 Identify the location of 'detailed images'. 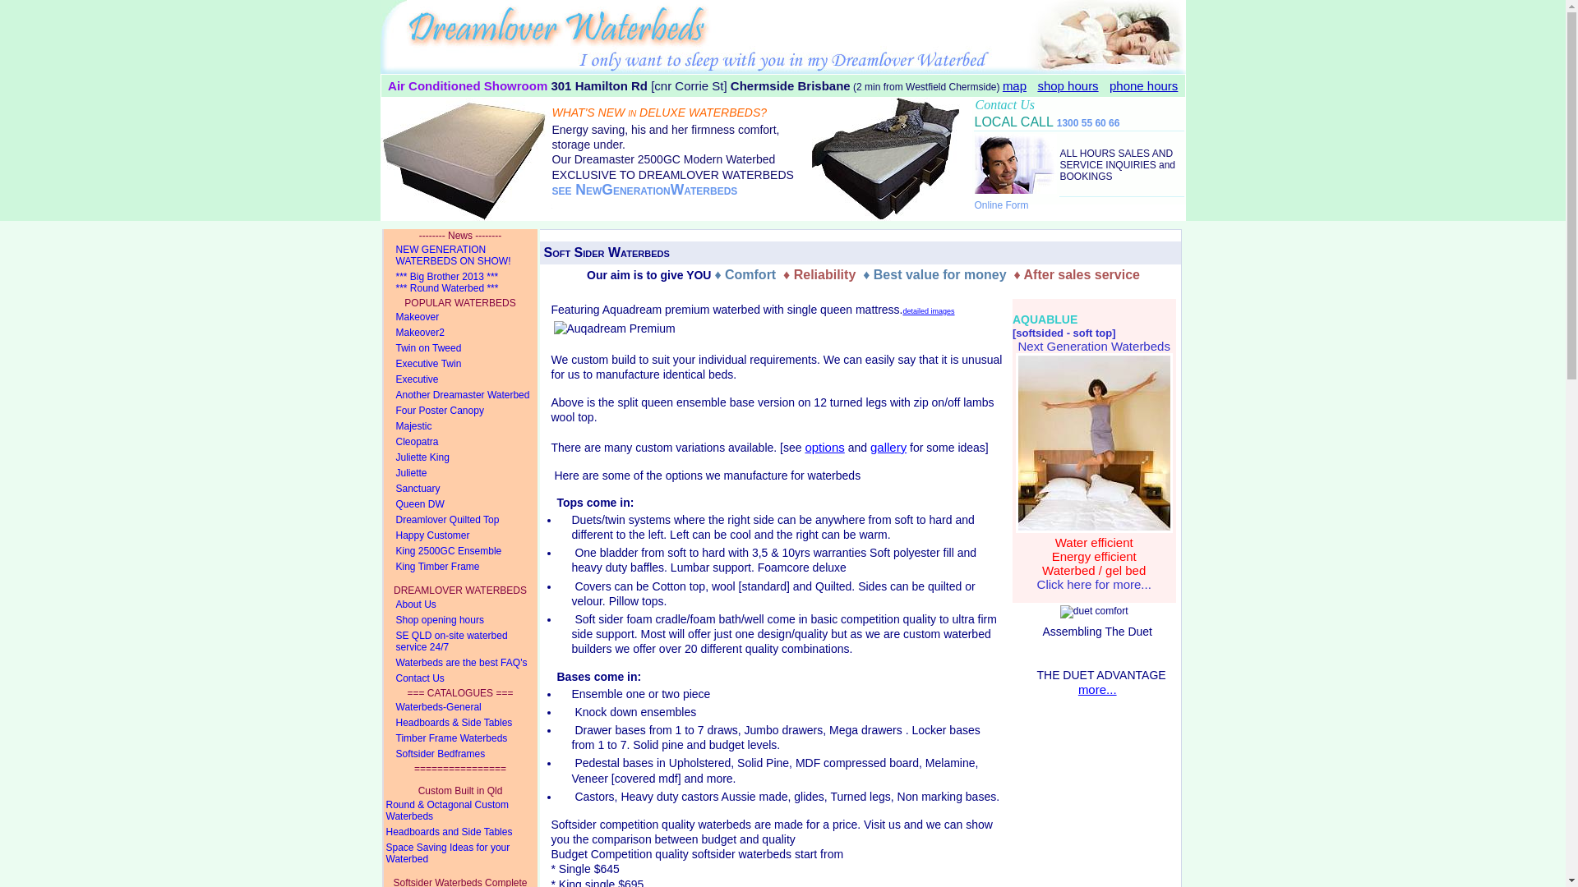
(902, 309).